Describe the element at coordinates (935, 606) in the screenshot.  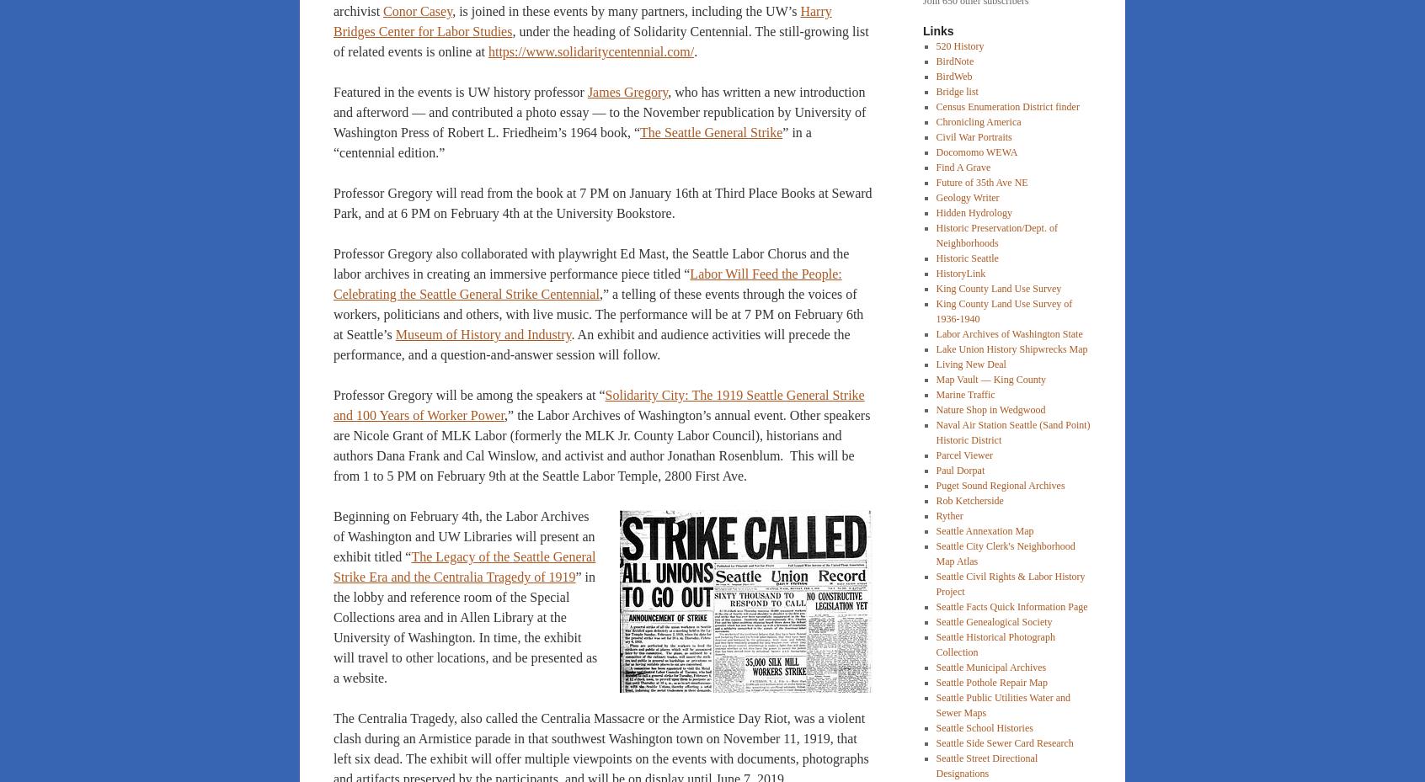
I see `'Seattle Facts Quick Information Page'` at that location.